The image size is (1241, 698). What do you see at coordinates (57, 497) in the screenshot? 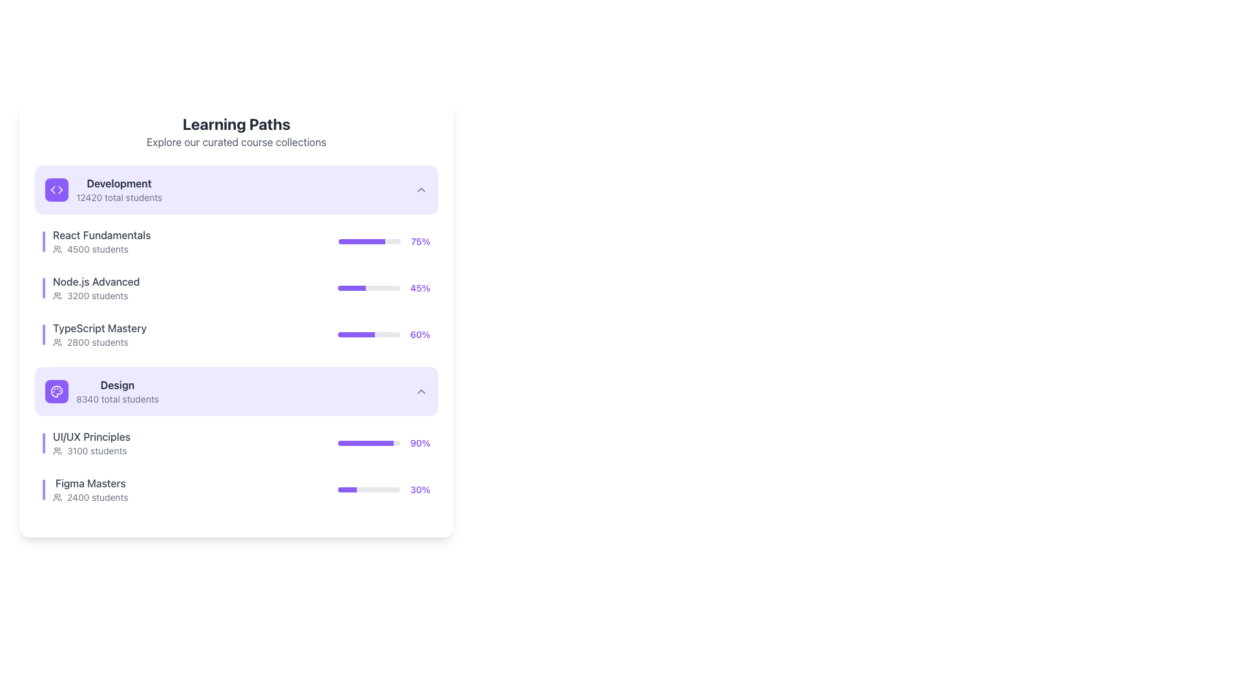
I see `the SVG icon indicating the number of students in the 'Figma Masters' course, located to the left of the text '2400 students' in the 'Design' section` at bounding box center [57, 497].